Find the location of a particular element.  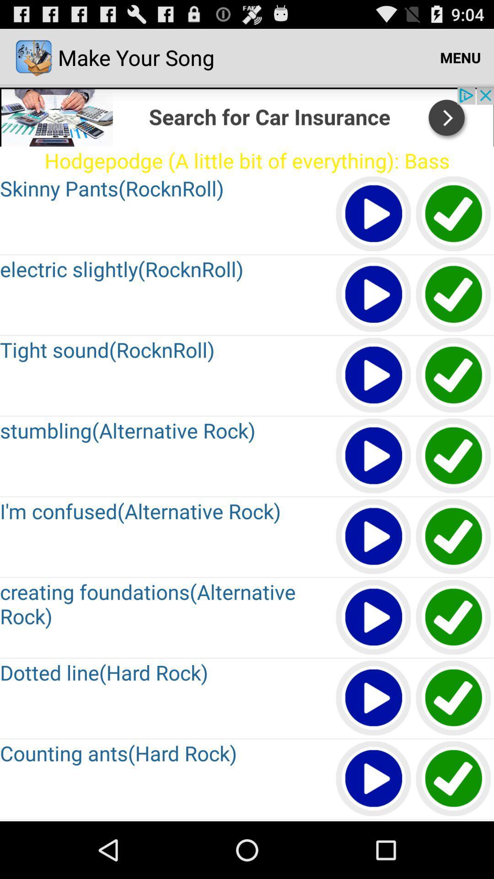

line is located at coordinates (454, 698).